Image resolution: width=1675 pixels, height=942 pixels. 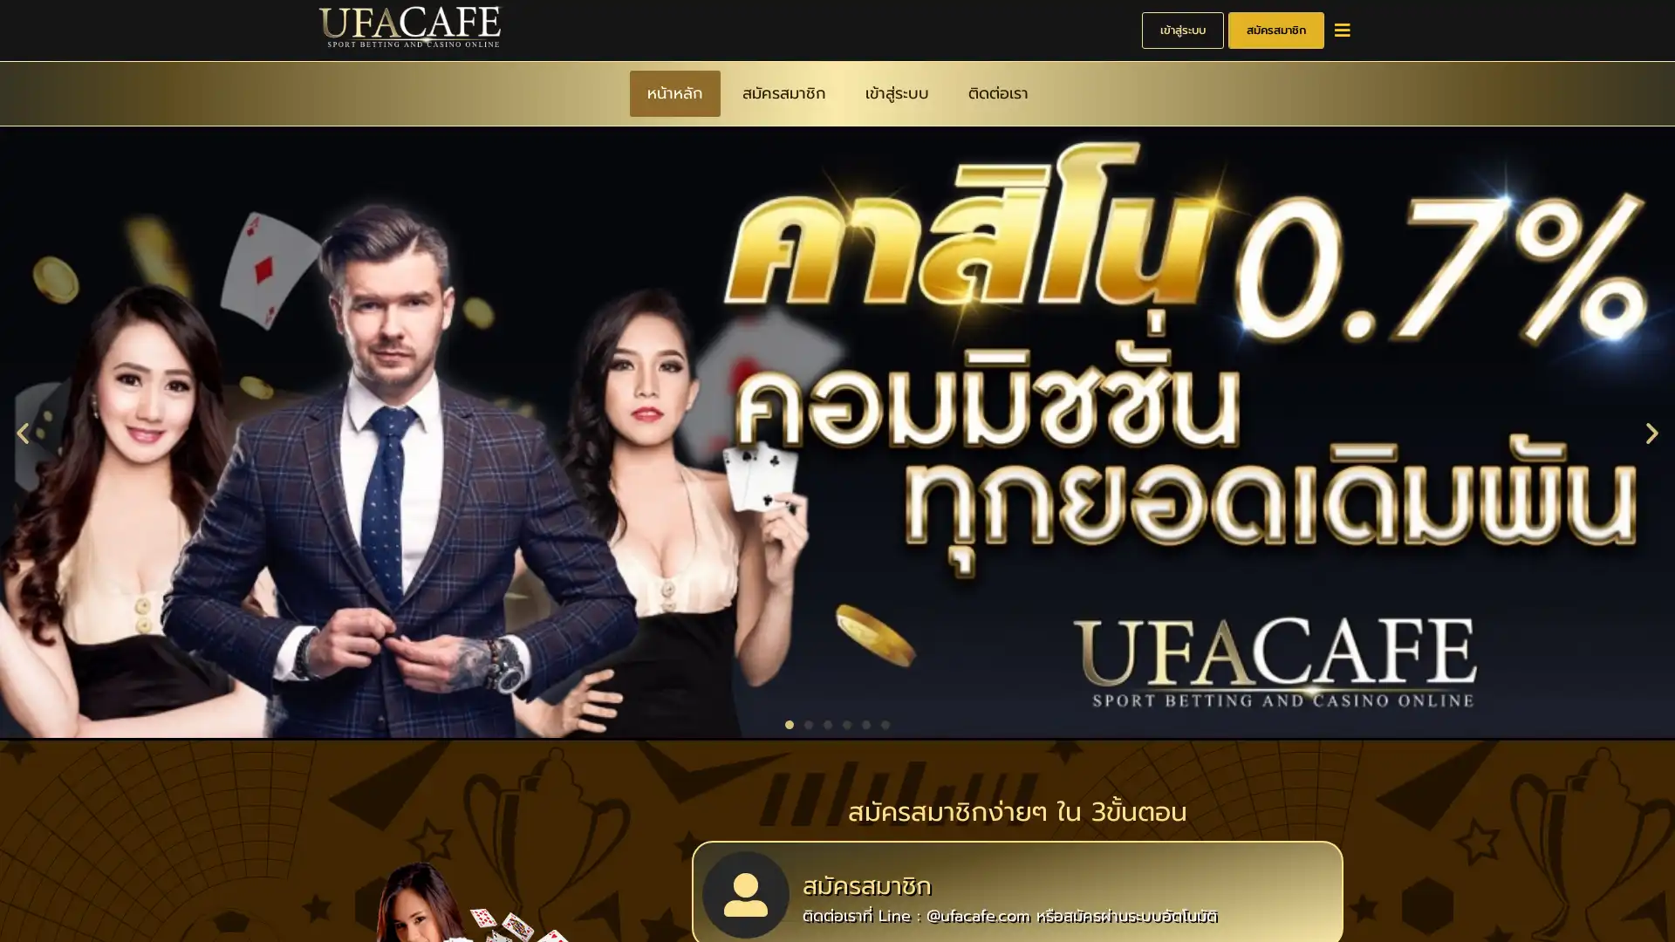 What do you see at coordinates (22, 430) in the screenshot?
I see `Previous slide` at bounding box center [22, 430].